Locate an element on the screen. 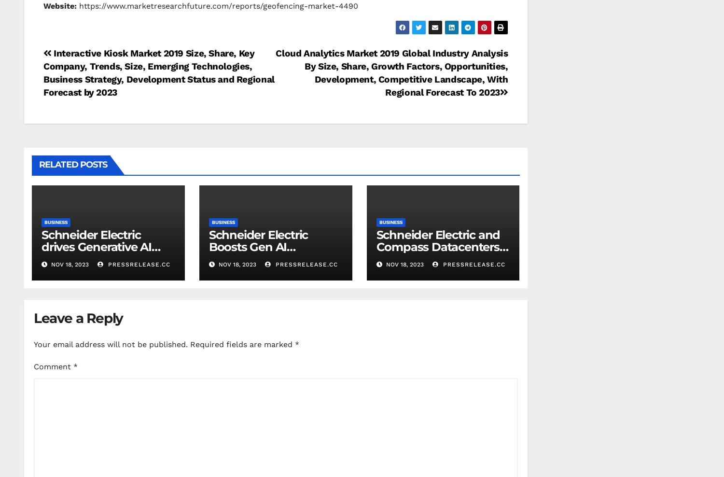  'Related Posts' is located at coordinates (73, 164).